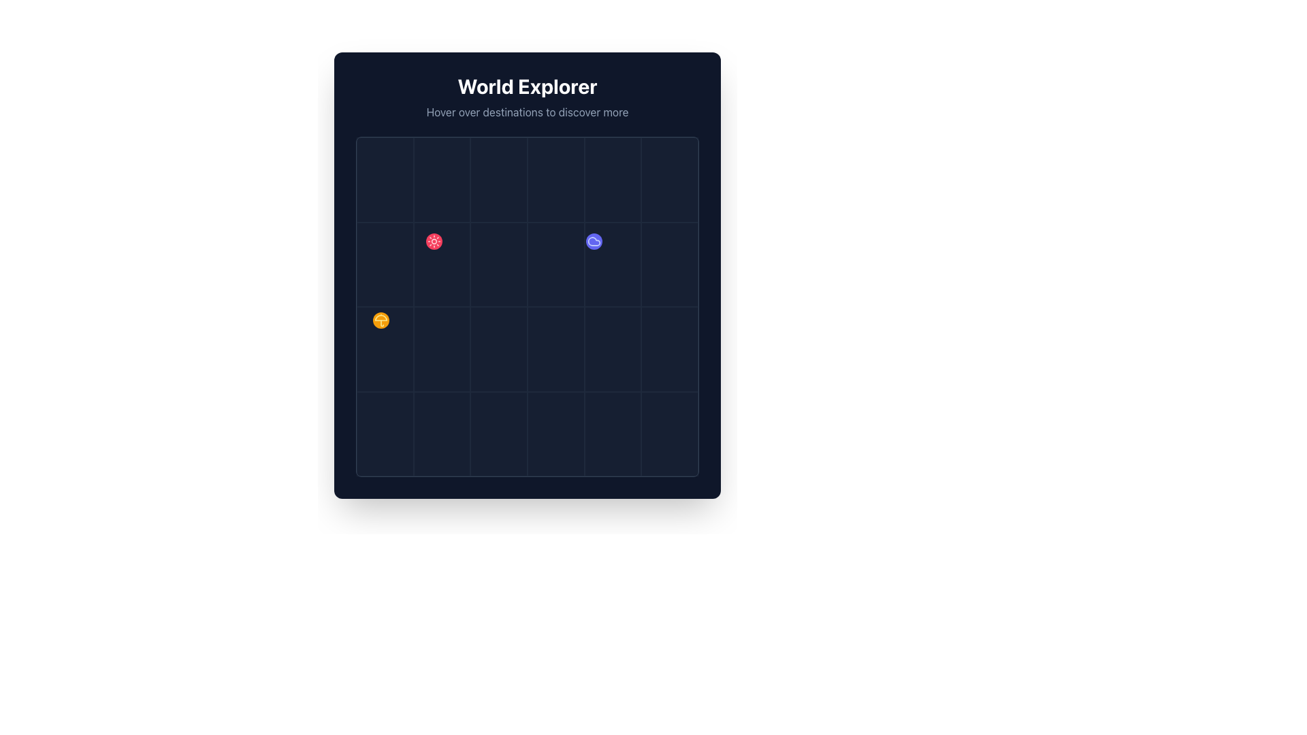 Image resolution: width=1307 pixels, height=735 pixels. What do you see at coordinates (594, 240) in the screenshot?
I see `the Icon button located in the middle-right area of the grid interface, which serves as an interactive marker or icon` at bounding box center [594, 240].